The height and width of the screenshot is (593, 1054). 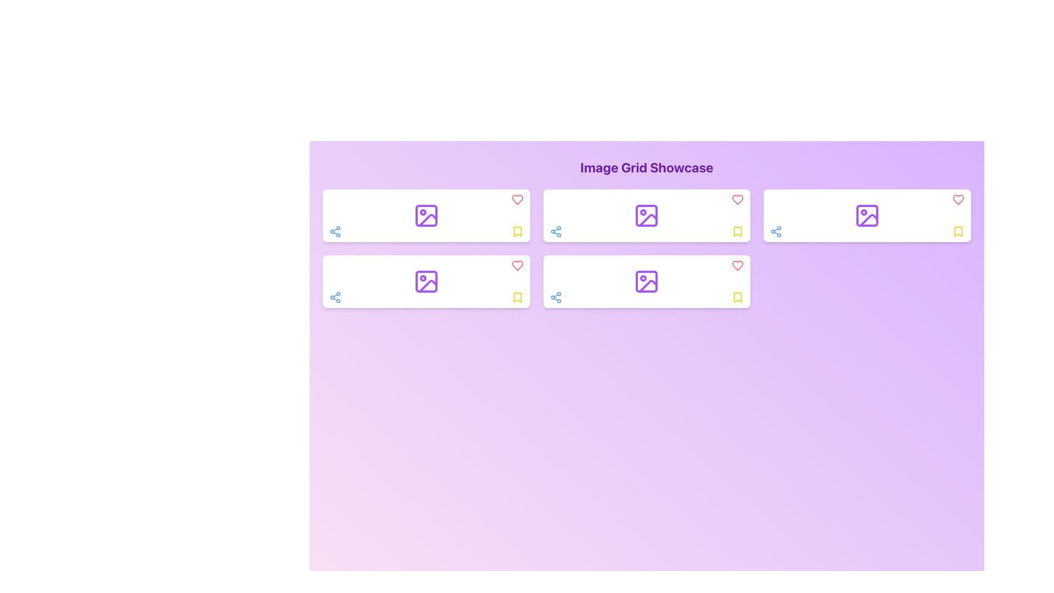 What do you see at coordinates (517, 199) in the screenshot?
I see `the like icon located in the top-right corner of the first image card in the grid layout` at bounding box center [517, 199].